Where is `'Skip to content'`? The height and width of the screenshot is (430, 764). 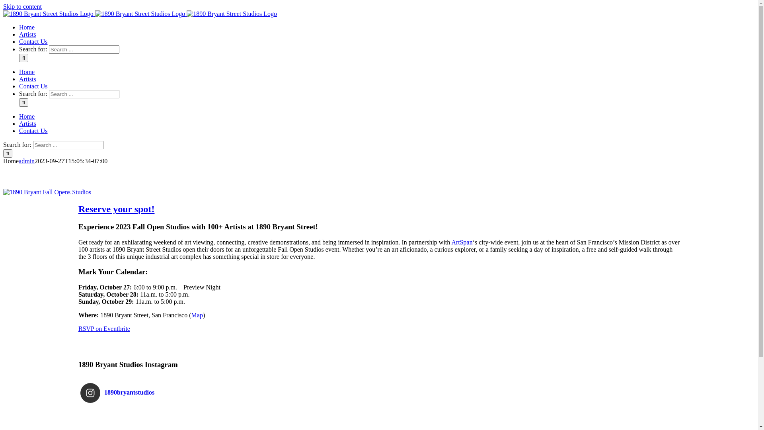 'Skip to content' is located at coordinates (22, 6).